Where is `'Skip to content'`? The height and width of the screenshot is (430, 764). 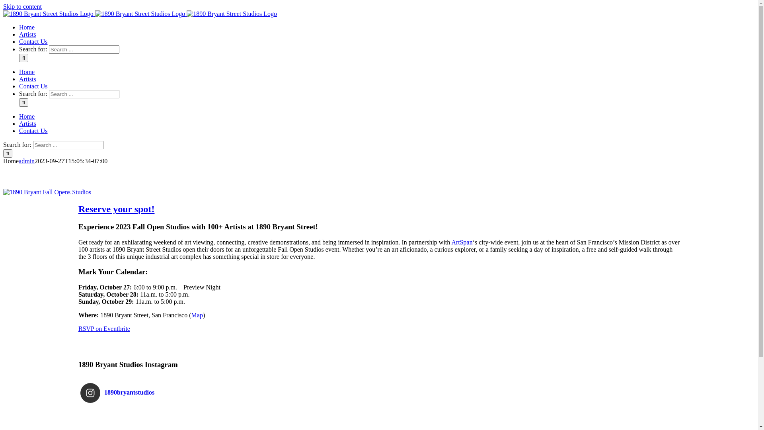 'Skip to content' is located at coordinates (22, 6).